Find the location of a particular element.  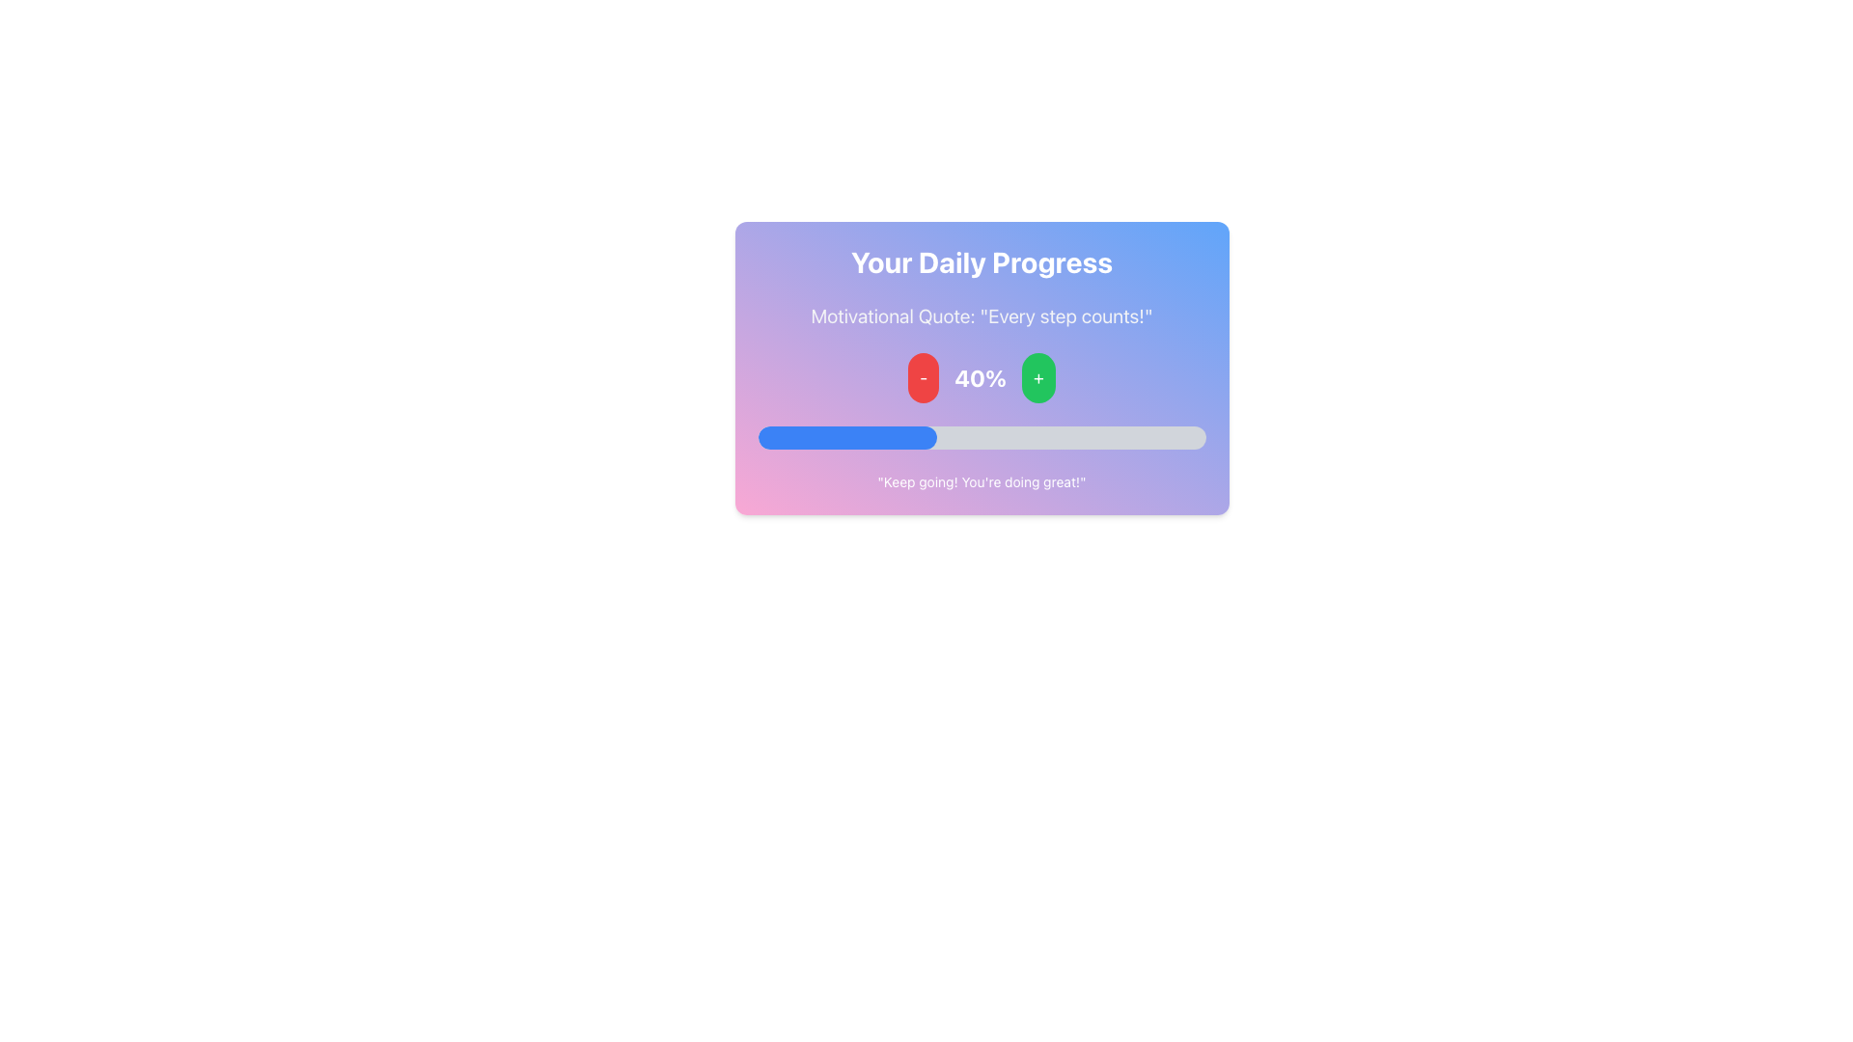

the filled portion of the progress bar segment that visually conveys task completion, located within the 'Your Daily Progress' card layout is located at coordinates (847, 438).